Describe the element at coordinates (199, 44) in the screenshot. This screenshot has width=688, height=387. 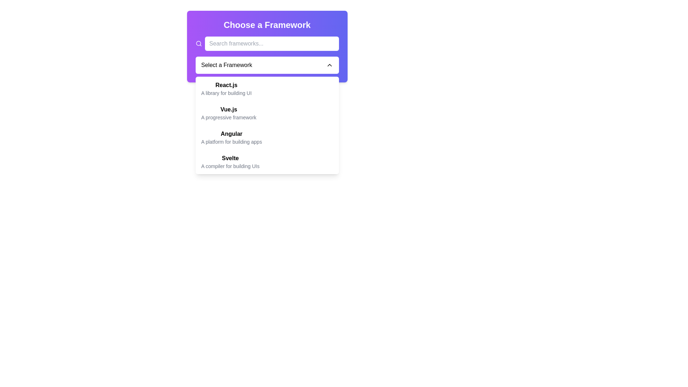
I see `the magnifying glass icon that symbolizes the search functionality, which is part of the search input UI located at the top-left corner of the search UI section` at that location.